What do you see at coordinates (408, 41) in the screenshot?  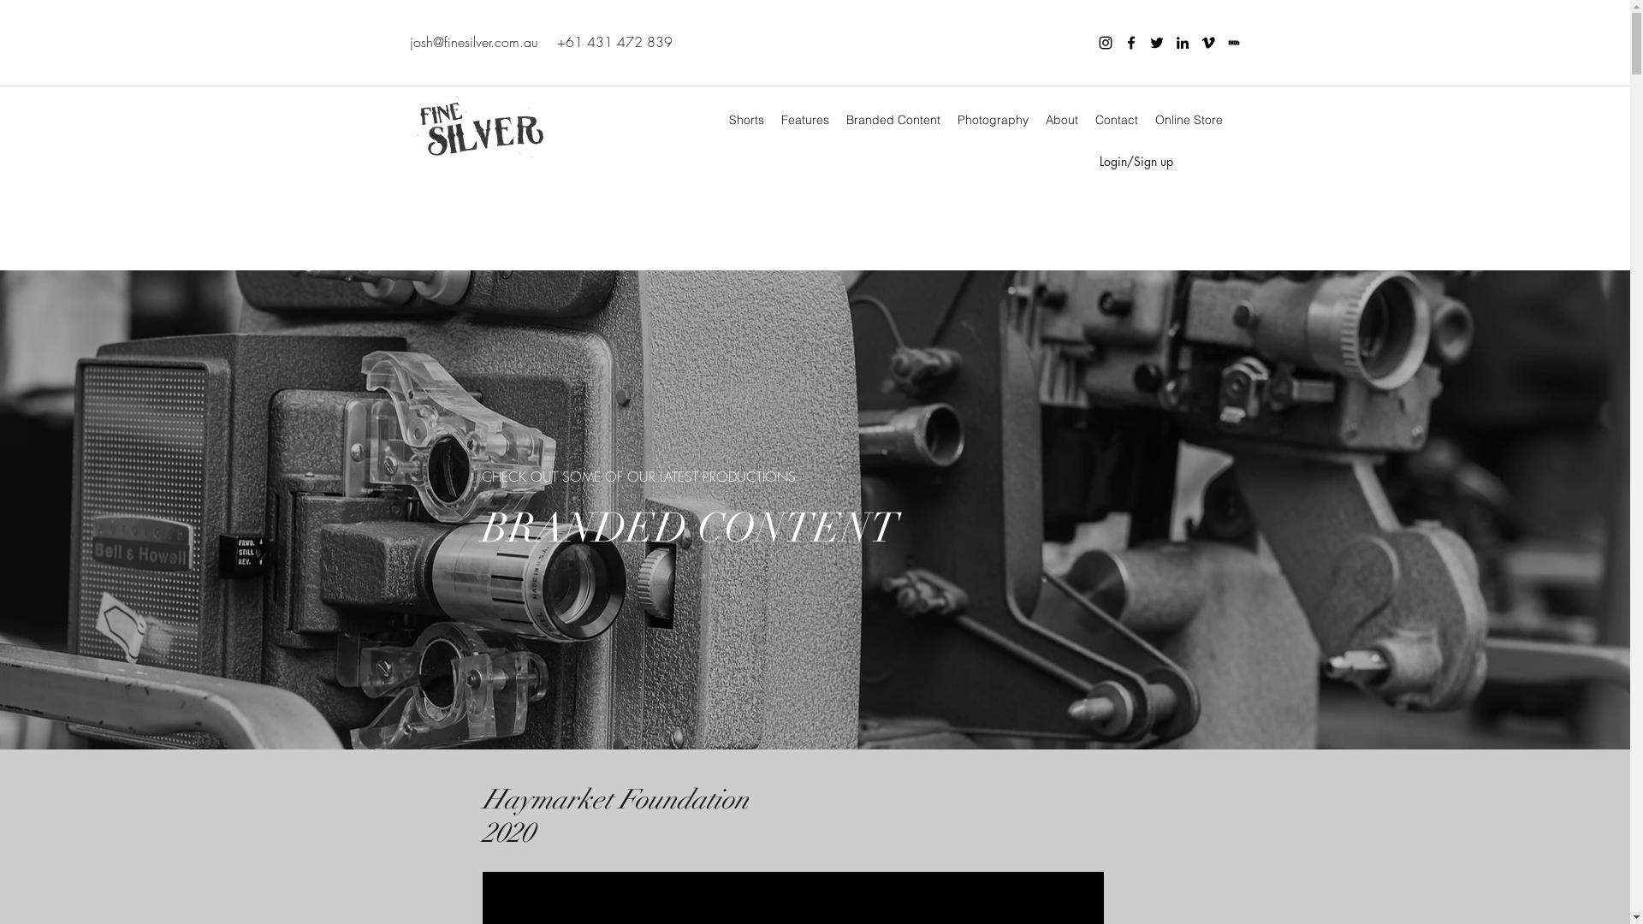 I see `'josh@finesilver.com.au'` at bounding box center [408, 41].